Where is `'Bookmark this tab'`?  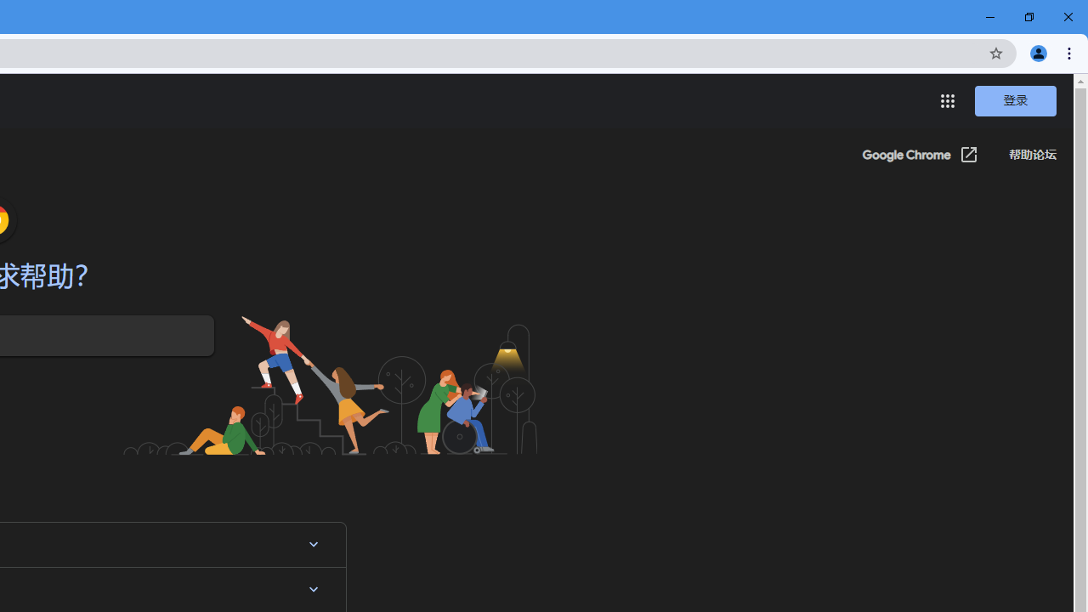
'Bookmark this tab' is located at coordinates (995, 52).